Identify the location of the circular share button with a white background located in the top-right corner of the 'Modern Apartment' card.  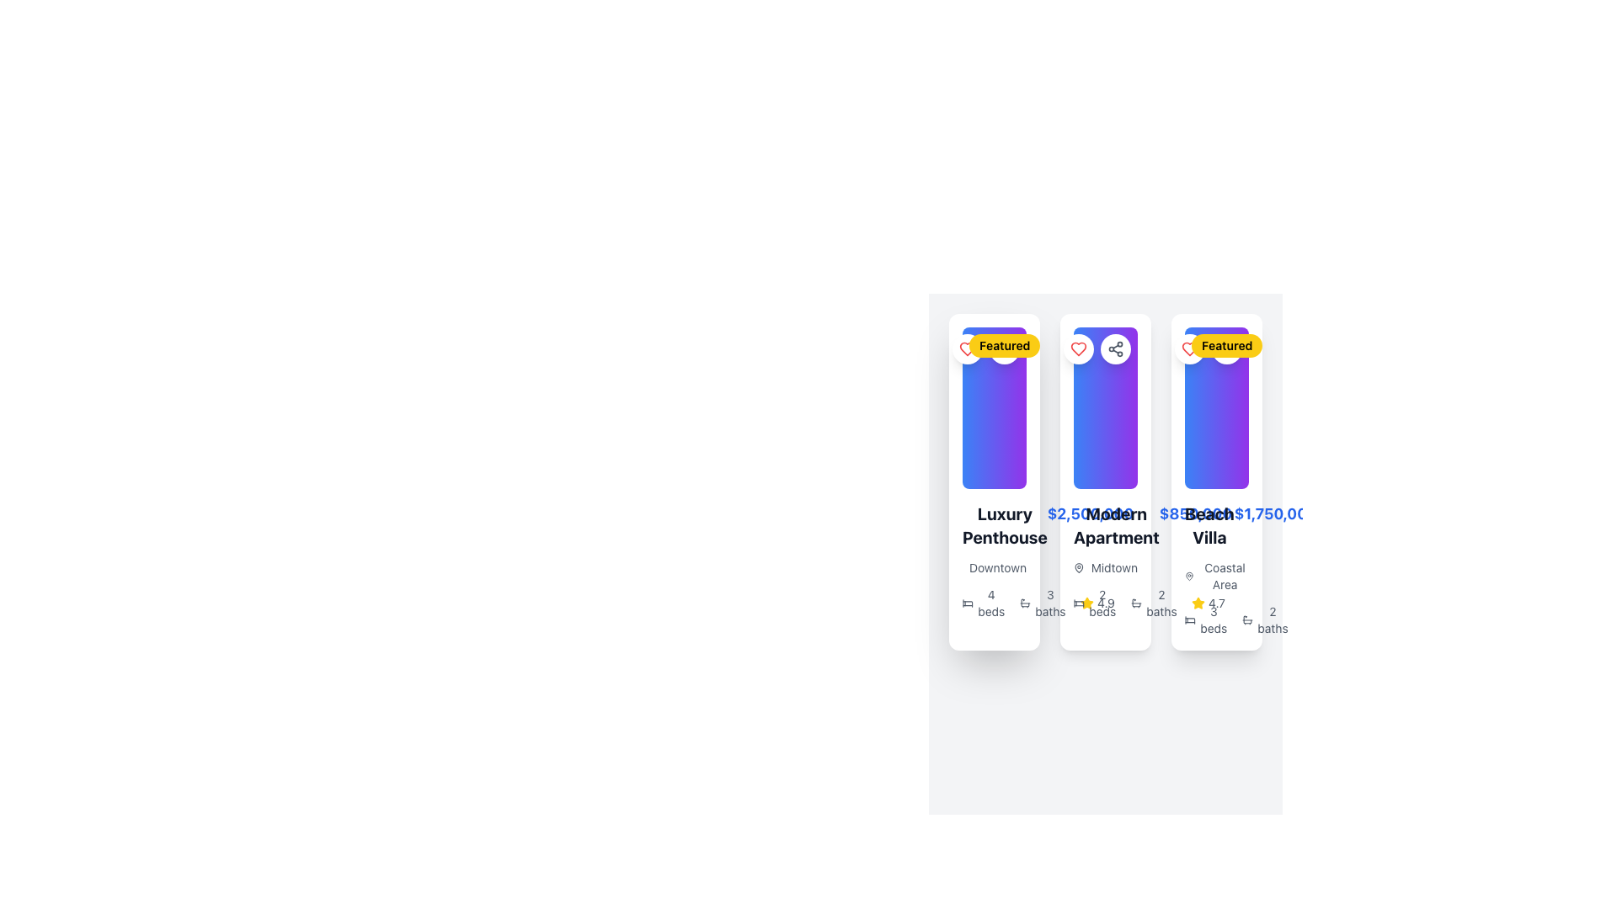
(1115, 348).